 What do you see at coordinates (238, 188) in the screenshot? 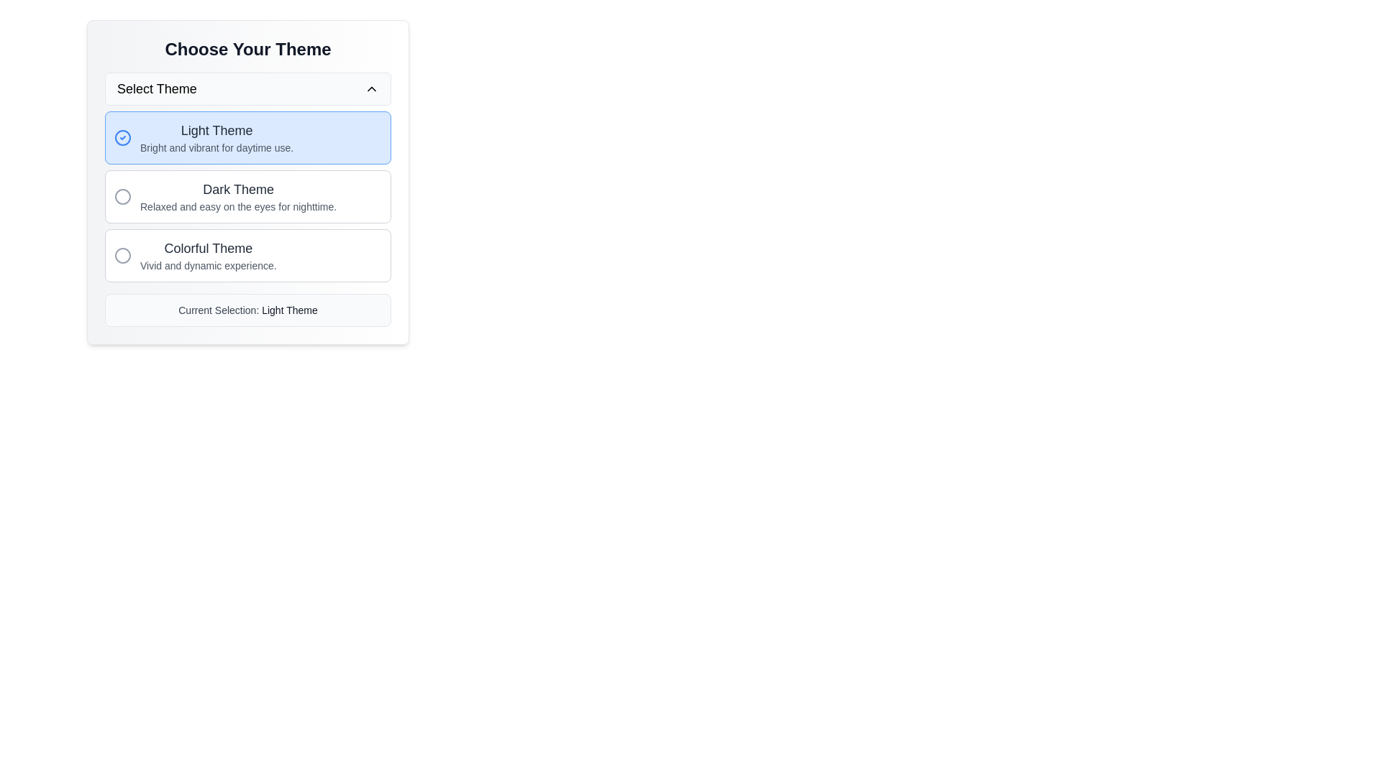
I see `the 'Dark Theme' text label, which is bold and prominently displayed in the 'Choose Your Theme' section, located above the descriptive text` at bounding box center [238, 188].